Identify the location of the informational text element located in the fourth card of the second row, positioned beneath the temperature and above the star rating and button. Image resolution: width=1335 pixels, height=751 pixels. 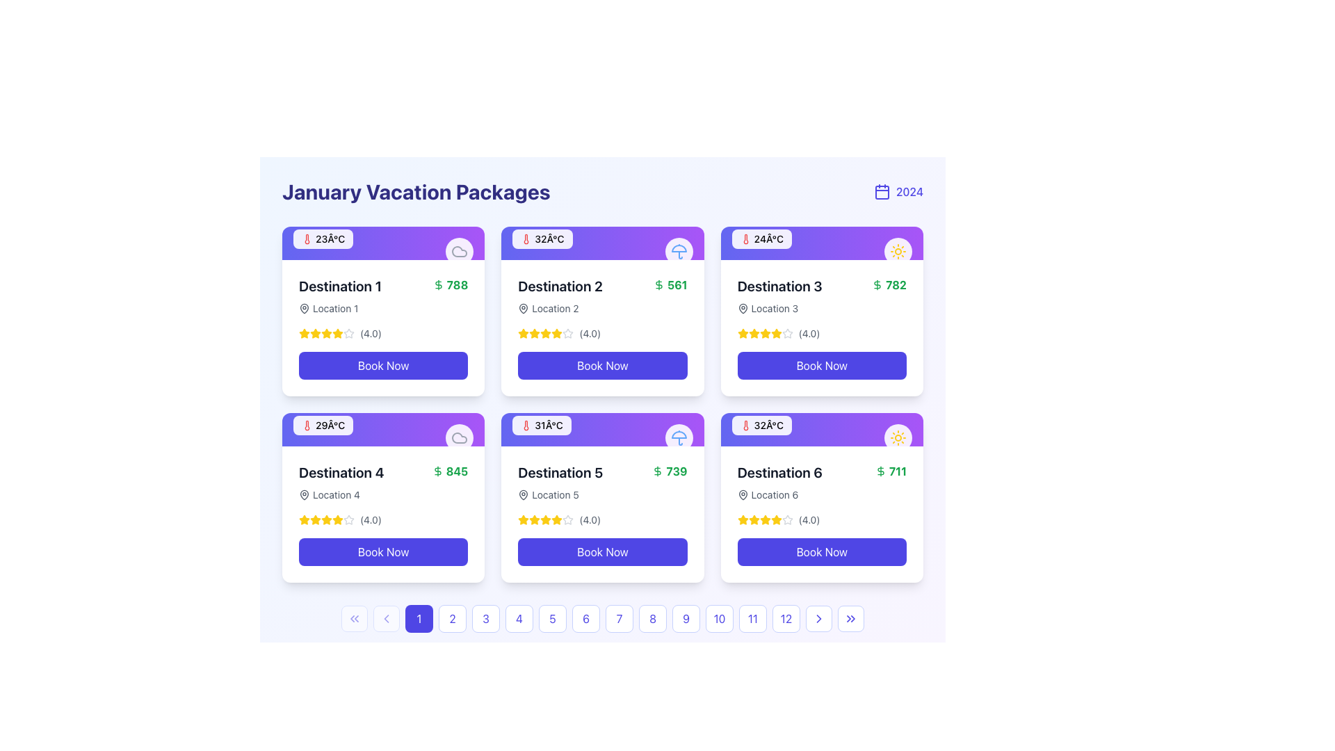
(341, 482).